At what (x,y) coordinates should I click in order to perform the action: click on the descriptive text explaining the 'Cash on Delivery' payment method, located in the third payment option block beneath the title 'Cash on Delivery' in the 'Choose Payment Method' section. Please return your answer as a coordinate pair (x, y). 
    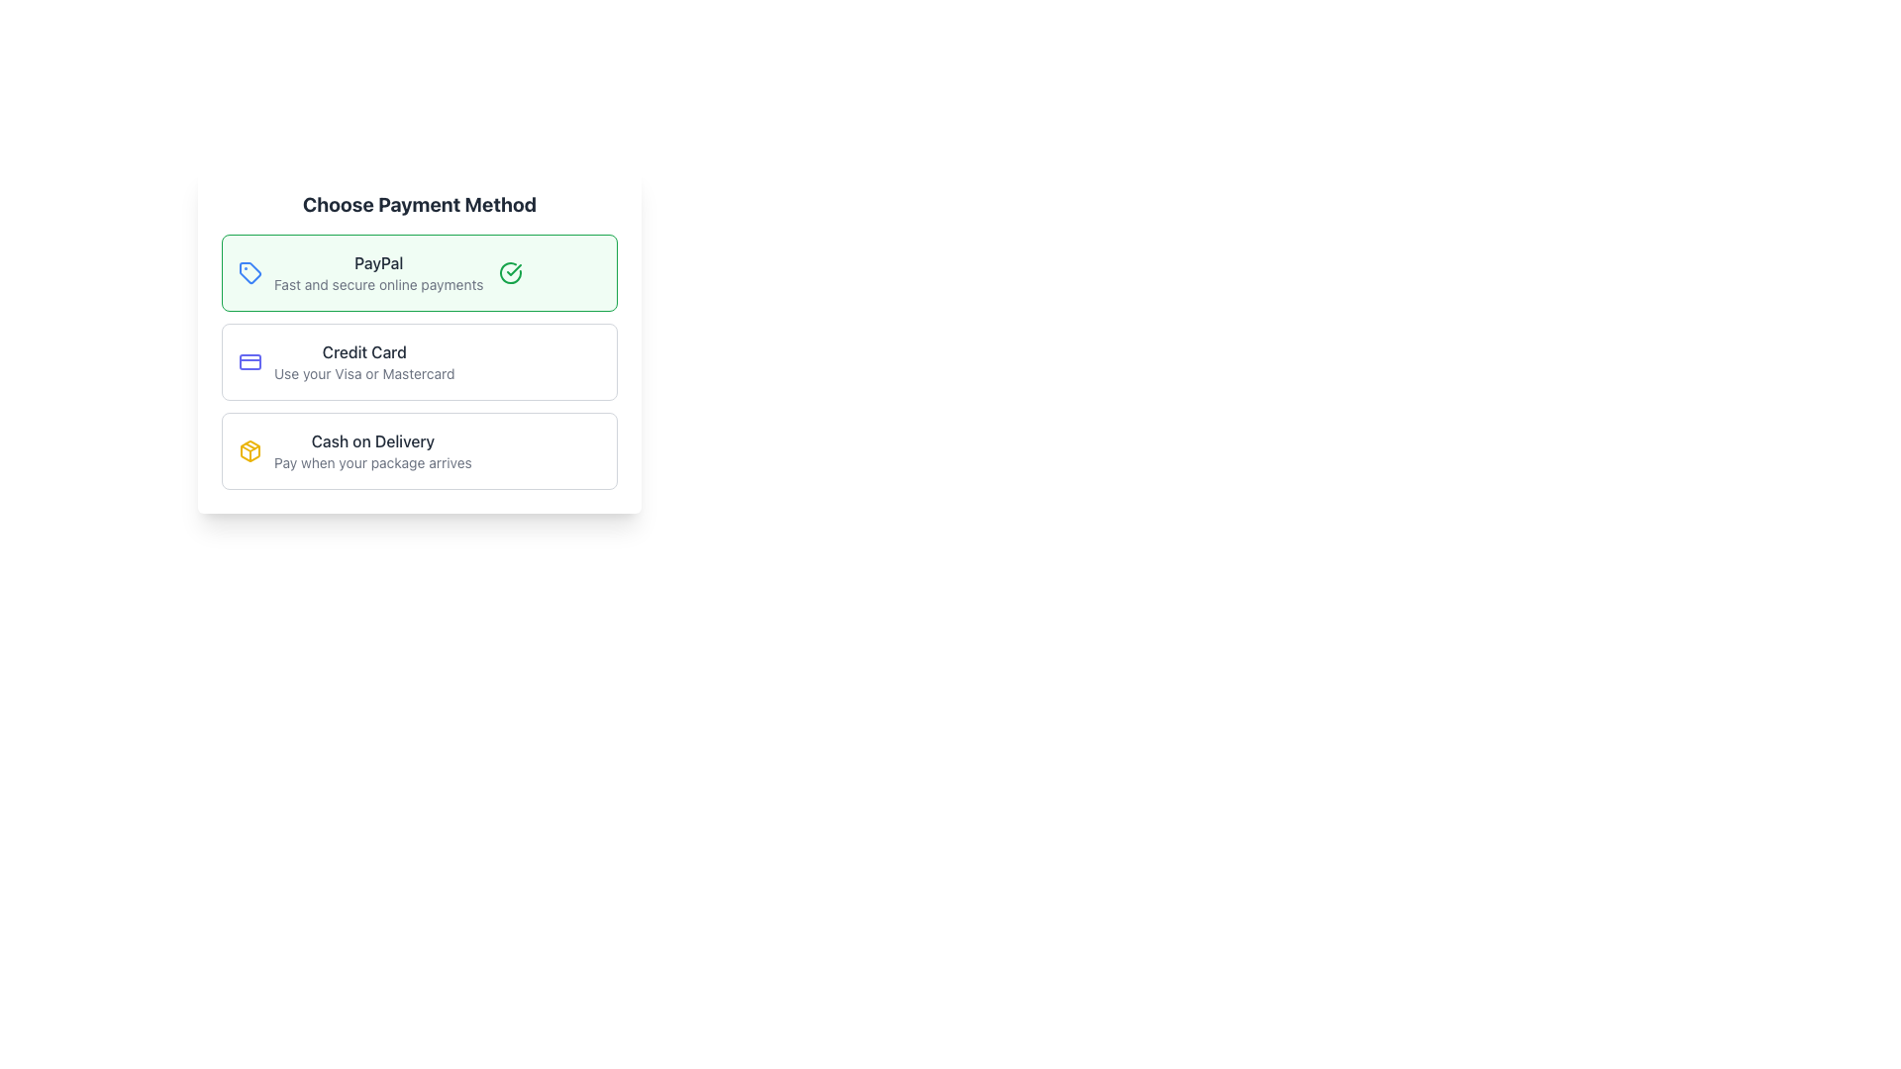
    Looking at the image, I should click on (372, 462).